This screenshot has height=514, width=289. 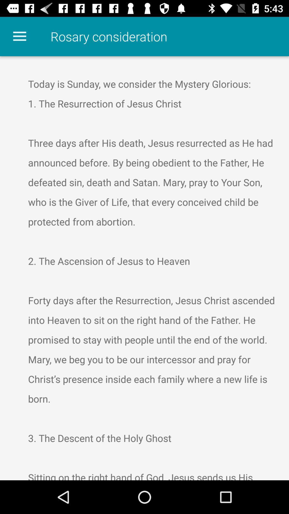 What do you see at coordinates (19, 36) in the screenshot?
I see `icon at the top left corner` at bounding box center [19, 36].